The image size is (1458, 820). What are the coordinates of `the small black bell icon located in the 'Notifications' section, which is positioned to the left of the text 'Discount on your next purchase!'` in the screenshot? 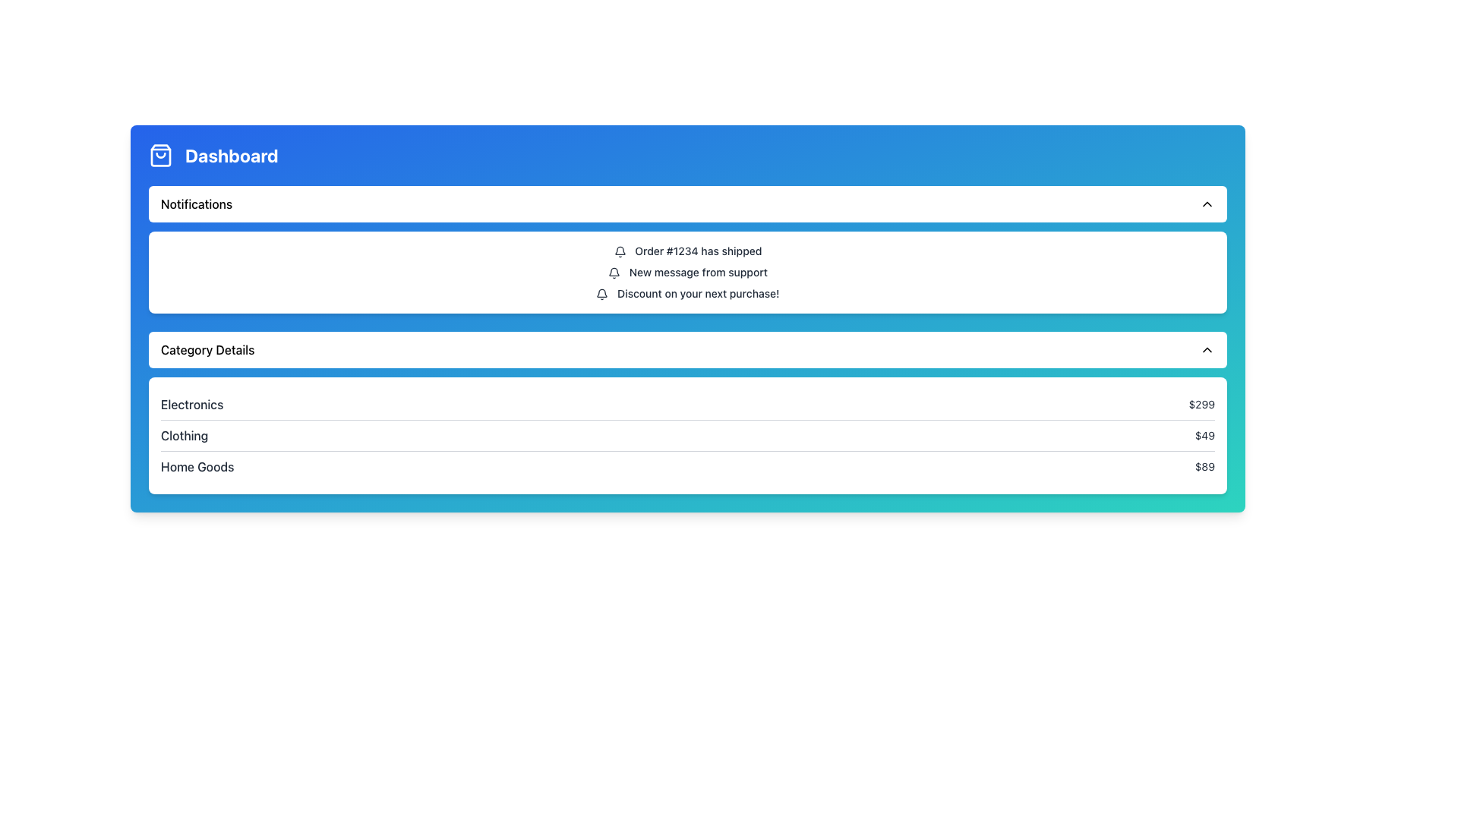 It's located at (601, 295).